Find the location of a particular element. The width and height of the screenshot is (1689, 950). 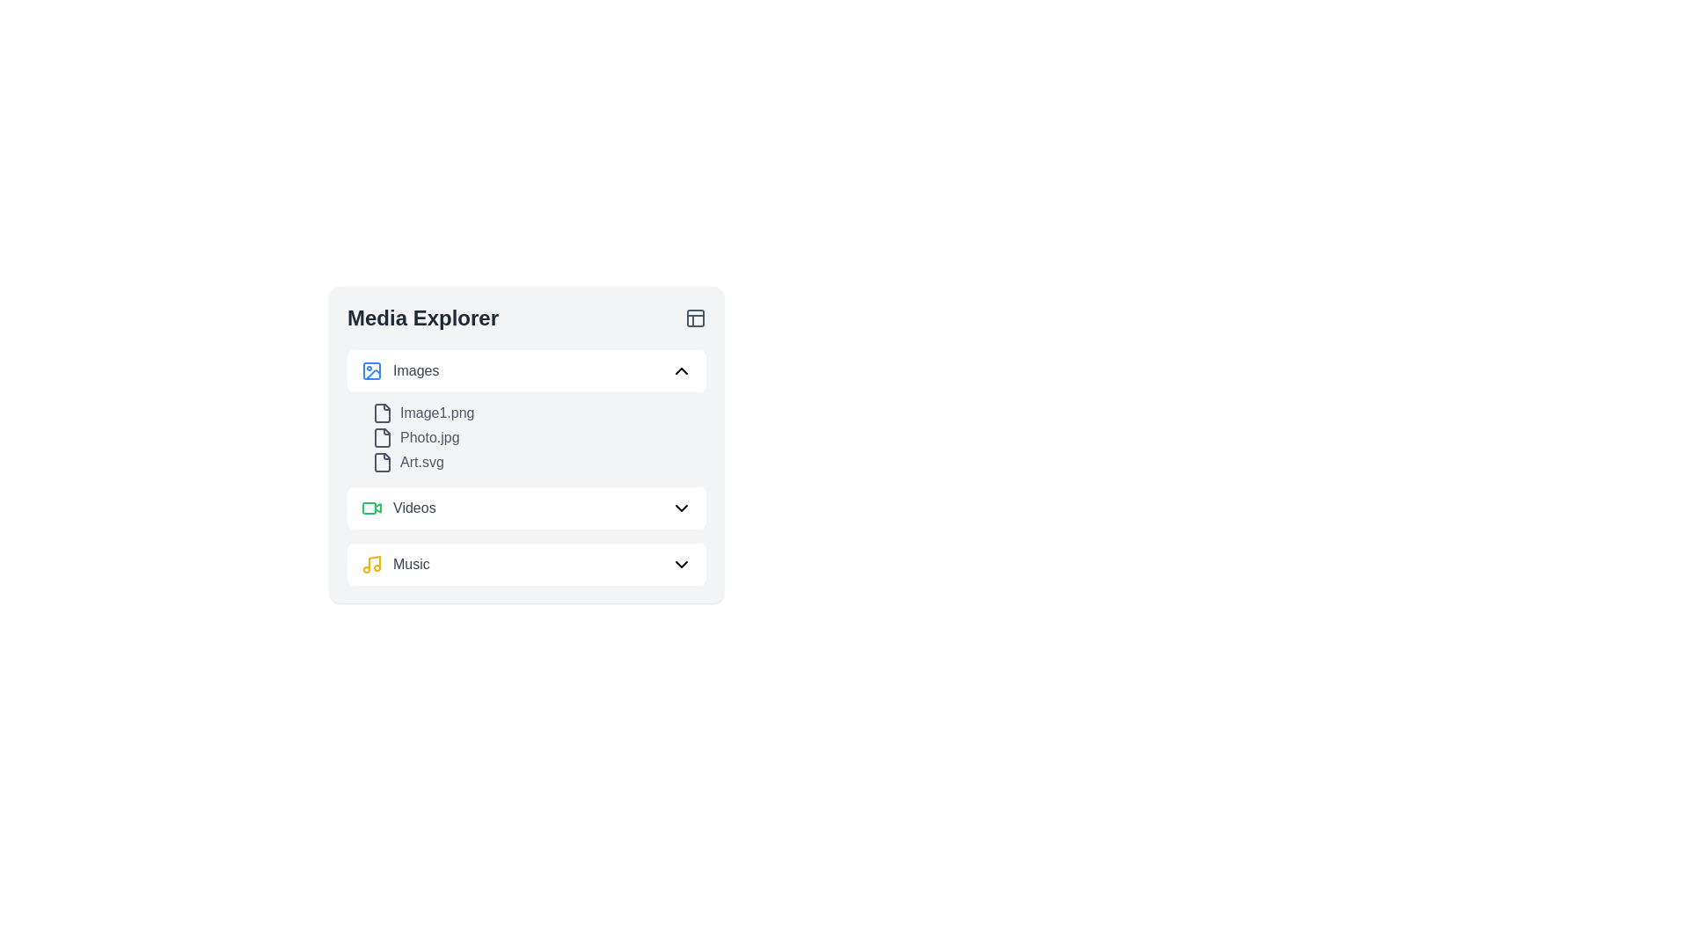

text label 'Images' which is styled with a medium-weight font and gray color, located adjacent to an image icon in the media explorer interface is located at coordinates (415, 369).